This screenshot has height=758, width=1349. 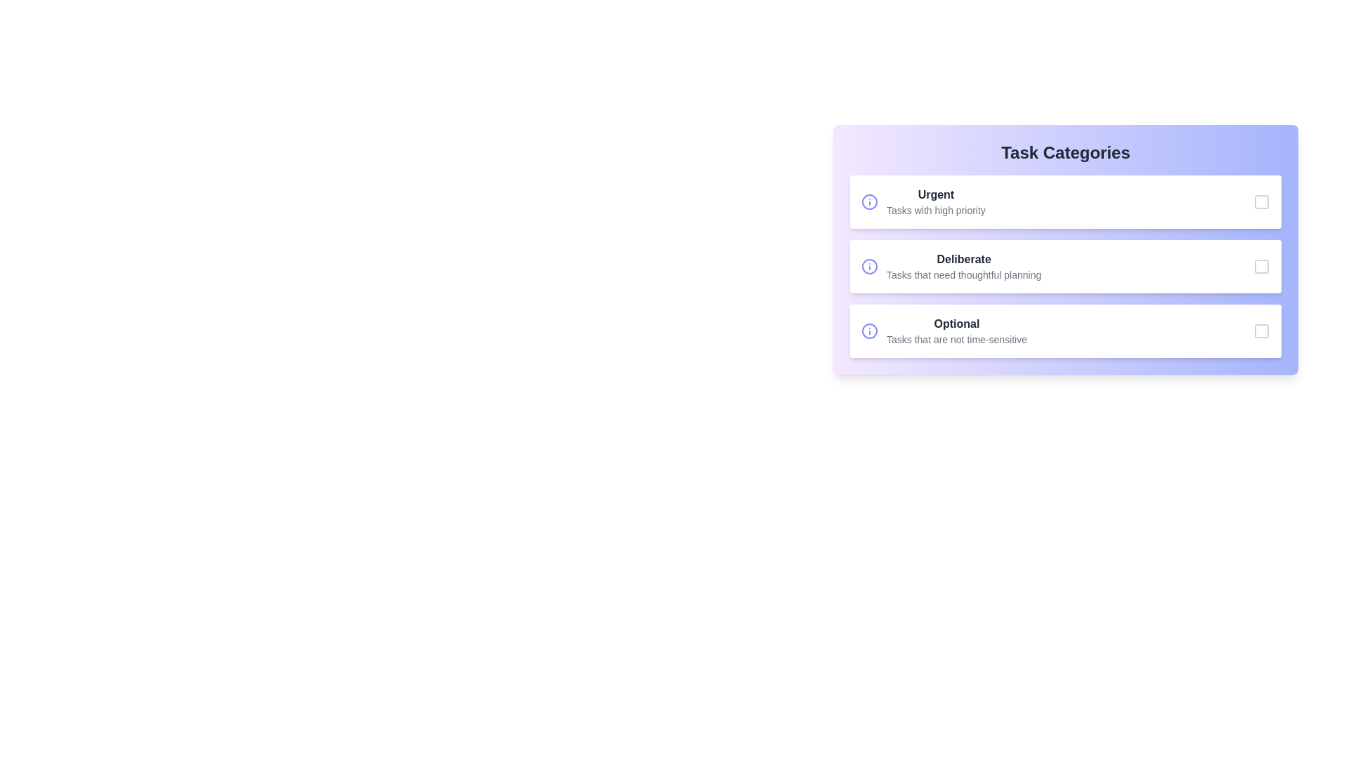 What do you see at coordinates (1261, 331) in the screenshot?
I see `the category Optional by clicking its checkbox` at bounding box center [1261, 331].